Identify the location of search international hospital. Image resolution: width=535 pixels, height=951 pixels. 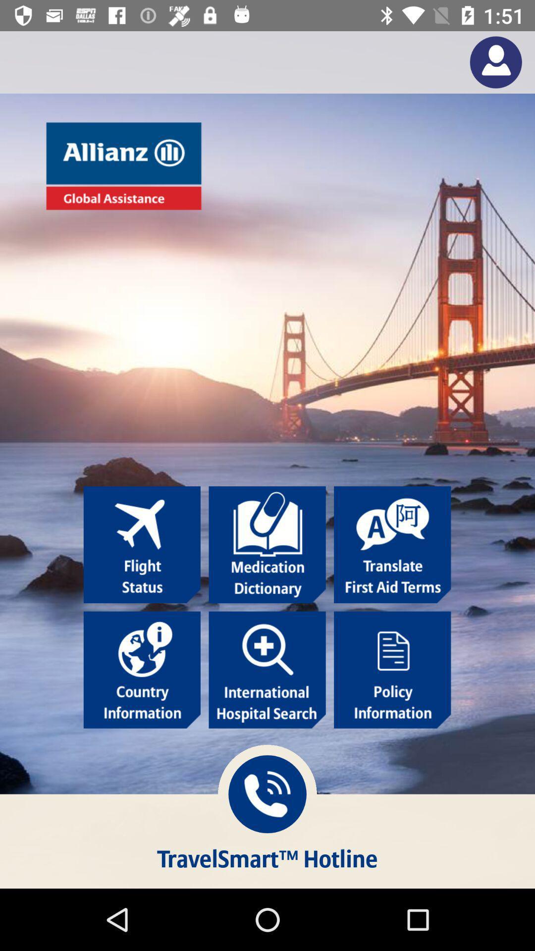
(267, 670).